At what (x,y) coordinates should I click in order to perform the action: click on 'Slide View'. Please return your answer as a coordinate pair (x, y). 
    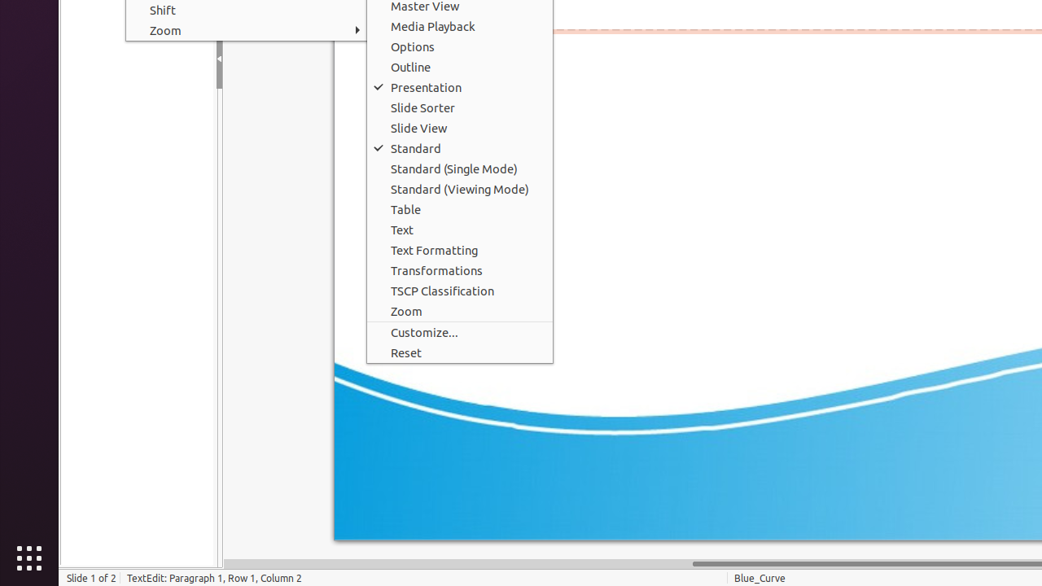
    Looking at the image, I should click on (458, 127).